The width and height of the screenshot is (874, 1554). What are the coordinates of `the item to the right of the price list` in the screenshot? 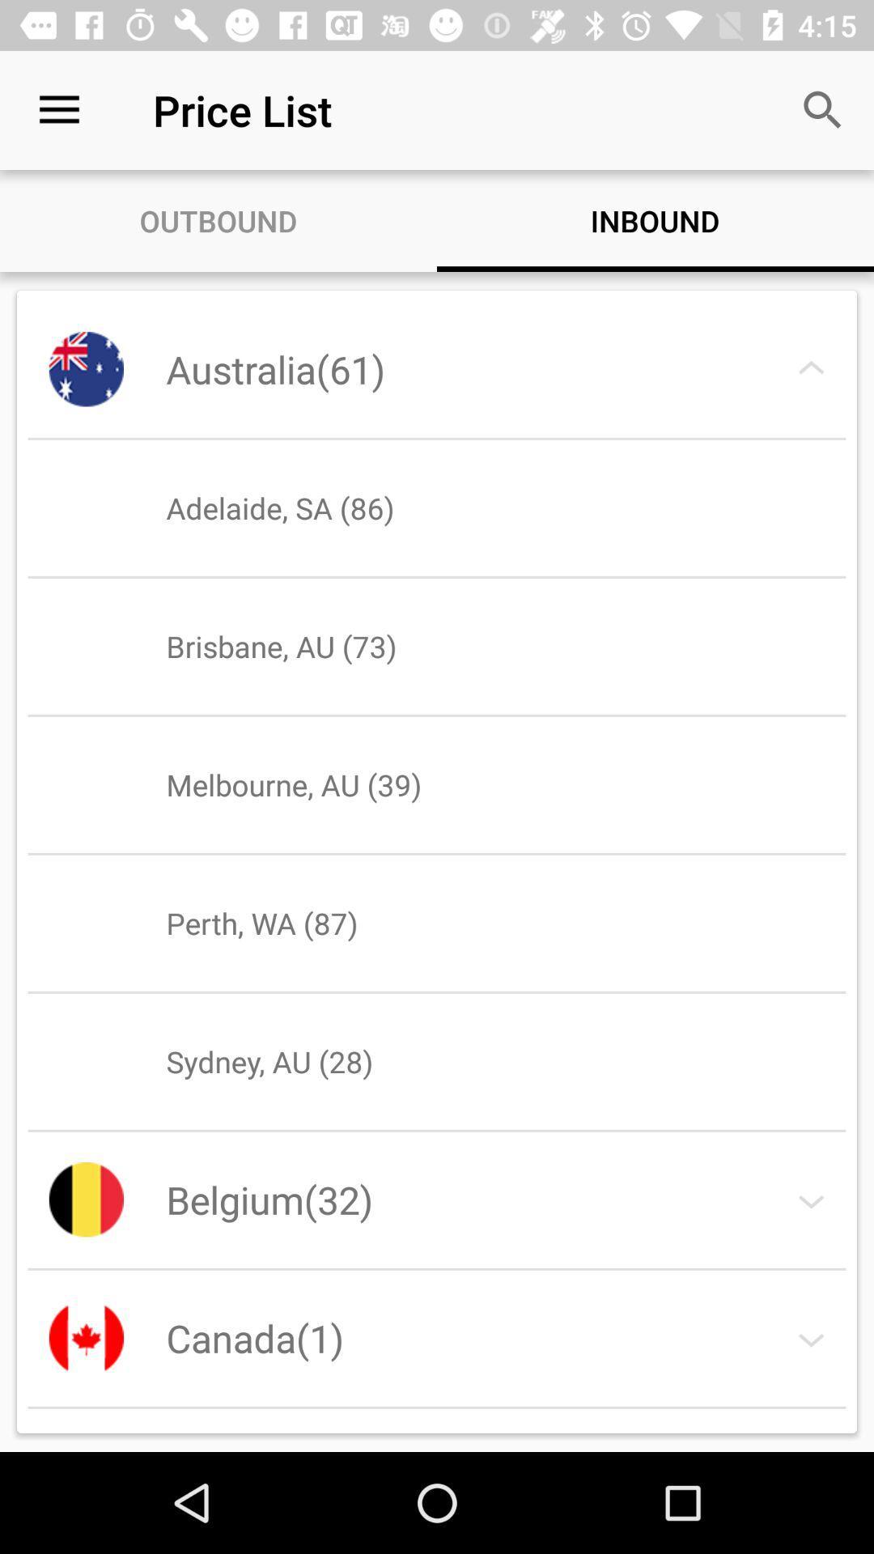 It's located at (823, 109).